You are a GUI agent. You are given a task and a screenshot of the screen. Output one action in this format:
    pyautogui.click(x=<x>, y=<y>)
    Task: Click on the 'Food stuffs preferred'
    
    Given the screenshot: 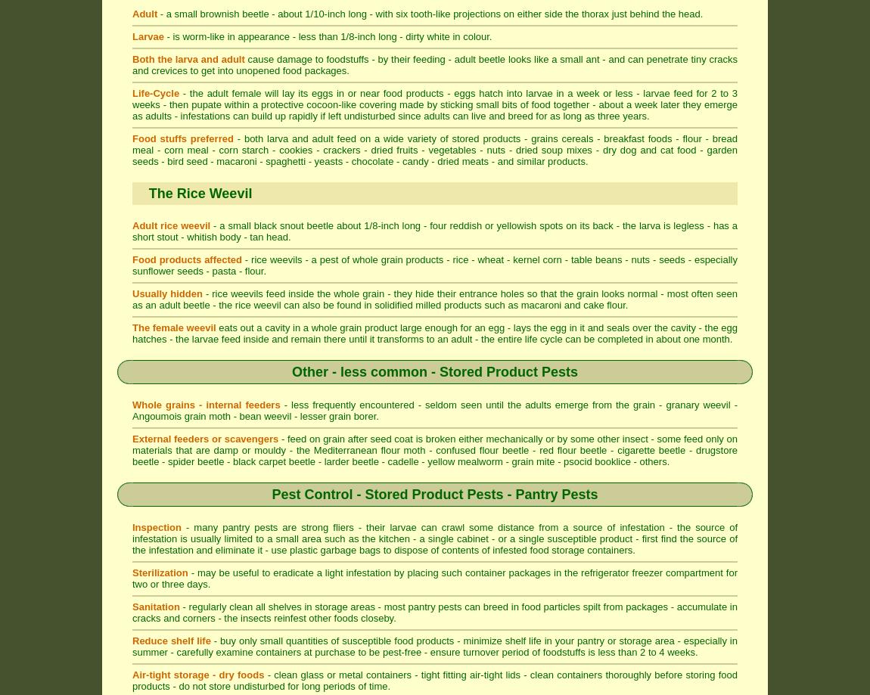 What is the action you would take?
    pyautogui.click(x=182, y=138)
    